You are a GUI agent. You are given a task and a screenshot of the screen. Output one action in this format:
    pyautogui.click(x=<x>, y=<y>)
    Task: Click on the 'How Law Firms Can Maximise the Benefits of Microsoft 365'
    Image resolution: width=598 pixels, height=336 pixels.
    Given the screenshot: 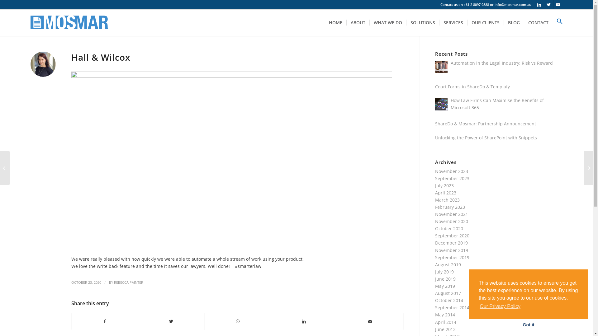 What is the action you would take?
    pyautogui.click(x=497, y=104)
    